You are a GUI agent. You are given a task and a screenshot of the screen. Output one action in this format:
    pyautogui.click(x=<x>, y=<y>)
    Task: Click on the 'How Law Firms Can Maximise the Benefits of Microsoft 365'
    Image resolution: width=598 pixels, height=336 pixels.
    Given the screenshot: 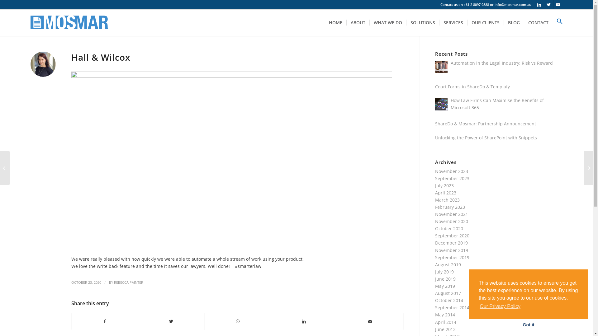 What is the action you would take?
    pyautogui.click(x=497, y=104)
    